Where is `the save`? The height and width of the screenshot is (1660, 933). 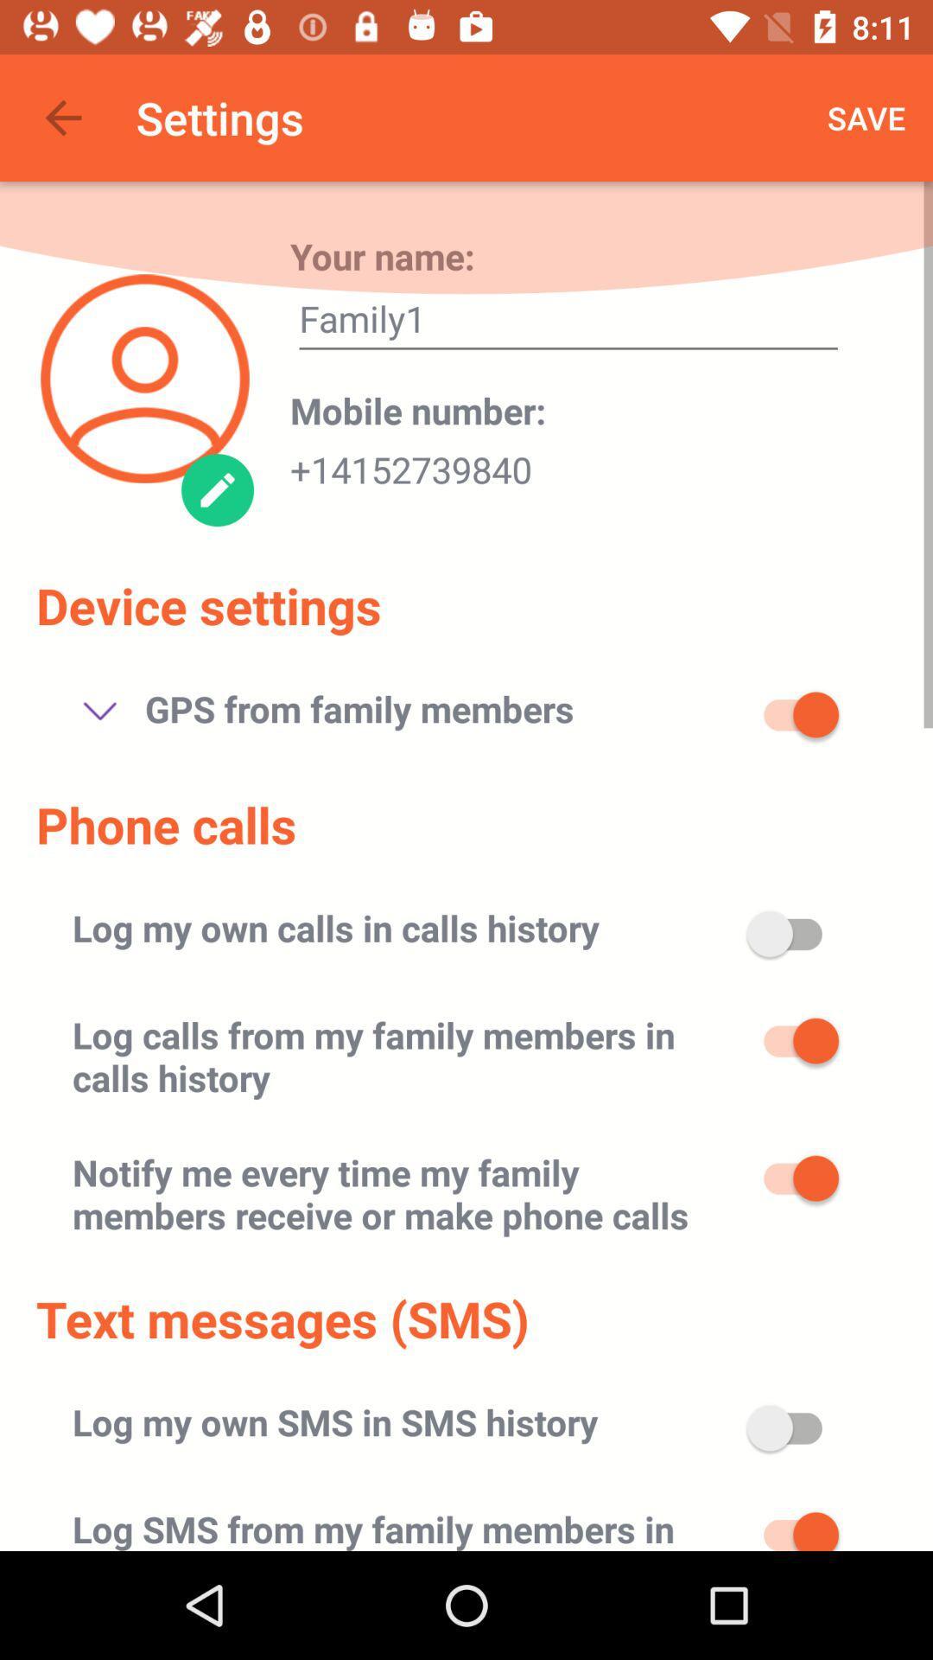 the save is located at coordinates (866, 117).